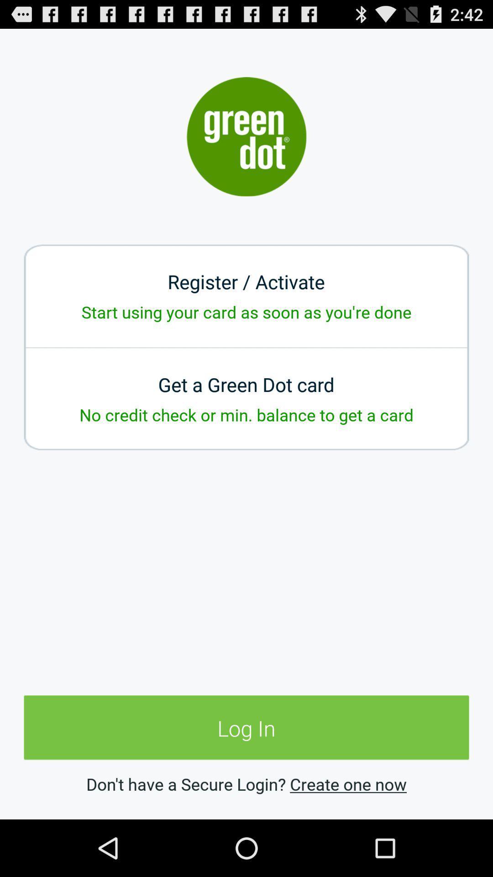 Image resolution: width=493 pixels, height=877 pixels. I want to click on log in, so click(246, 728).